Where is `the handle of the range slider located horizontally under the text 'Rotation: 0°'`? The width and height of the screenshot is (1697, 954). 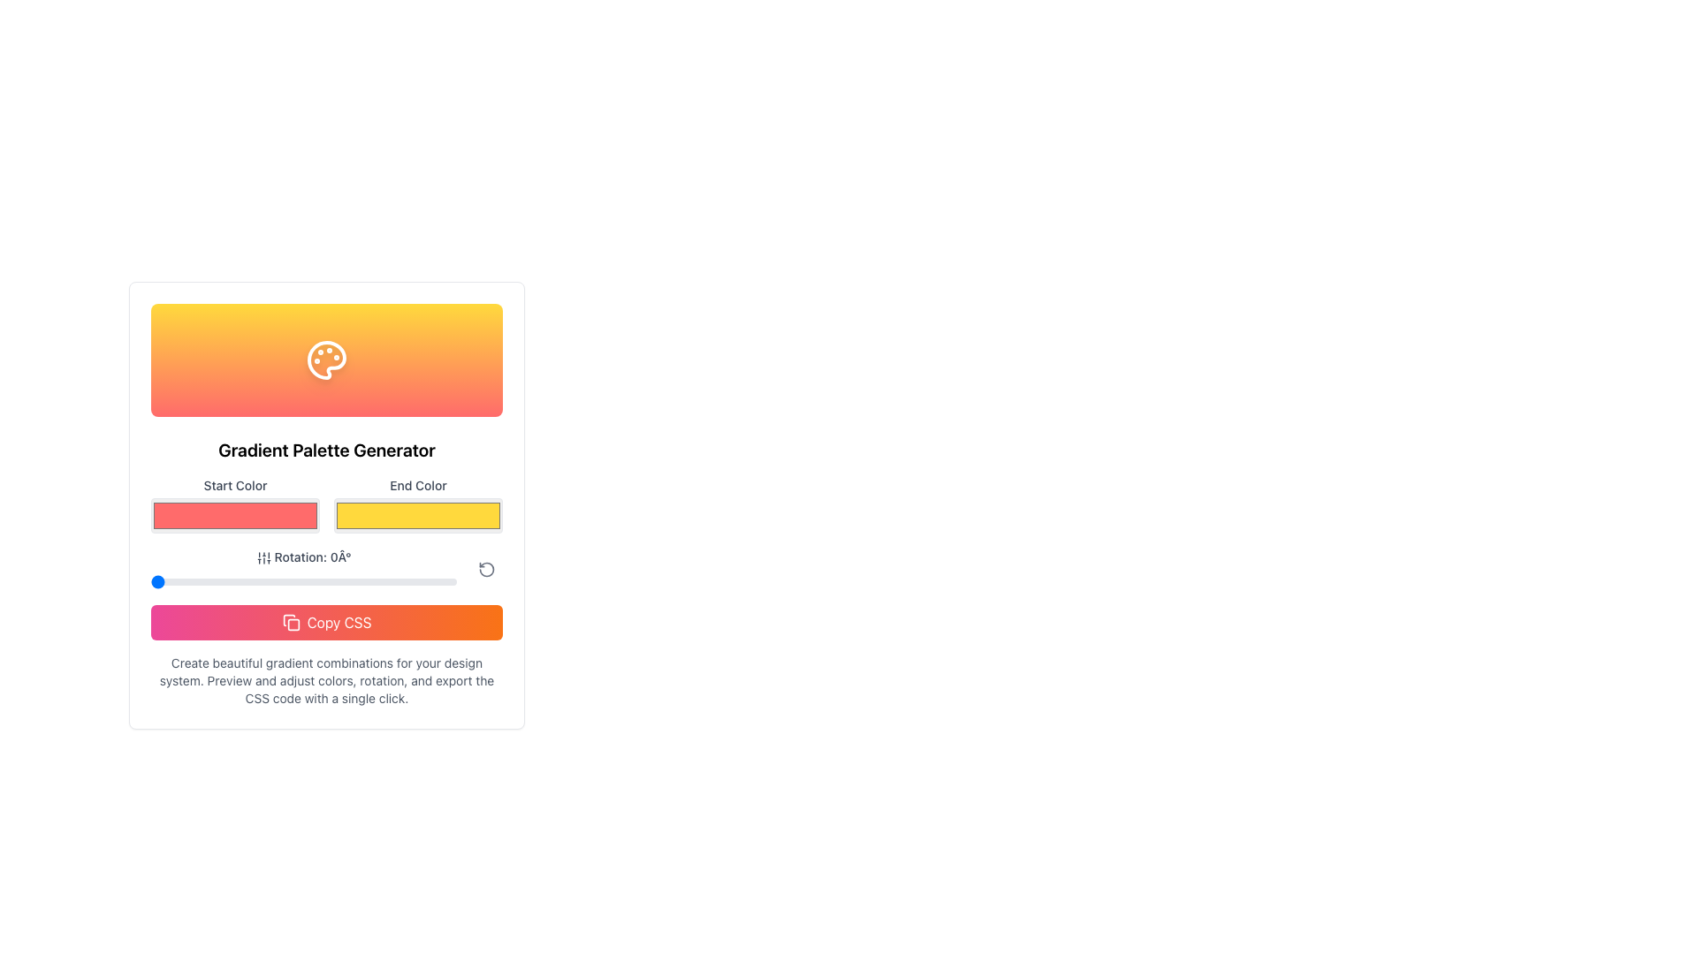 the handle of the range slider located horizontally under the text 'Rotation: 0°' is located at coordinates (304, 582).